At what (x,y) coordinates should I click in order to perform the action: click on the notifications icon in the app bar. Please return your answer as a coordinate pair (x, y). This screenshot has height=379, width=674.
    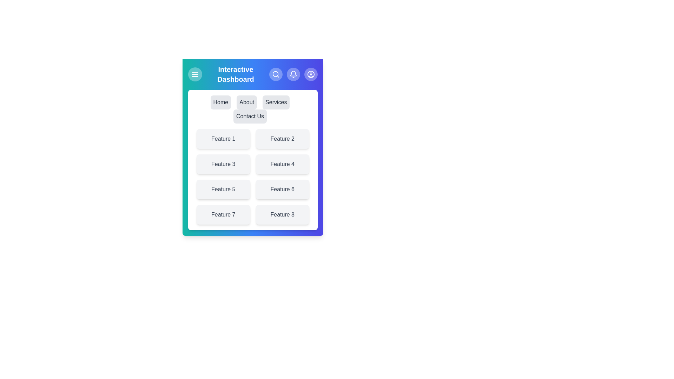
    Looking at the image, I should click on (293, 74).